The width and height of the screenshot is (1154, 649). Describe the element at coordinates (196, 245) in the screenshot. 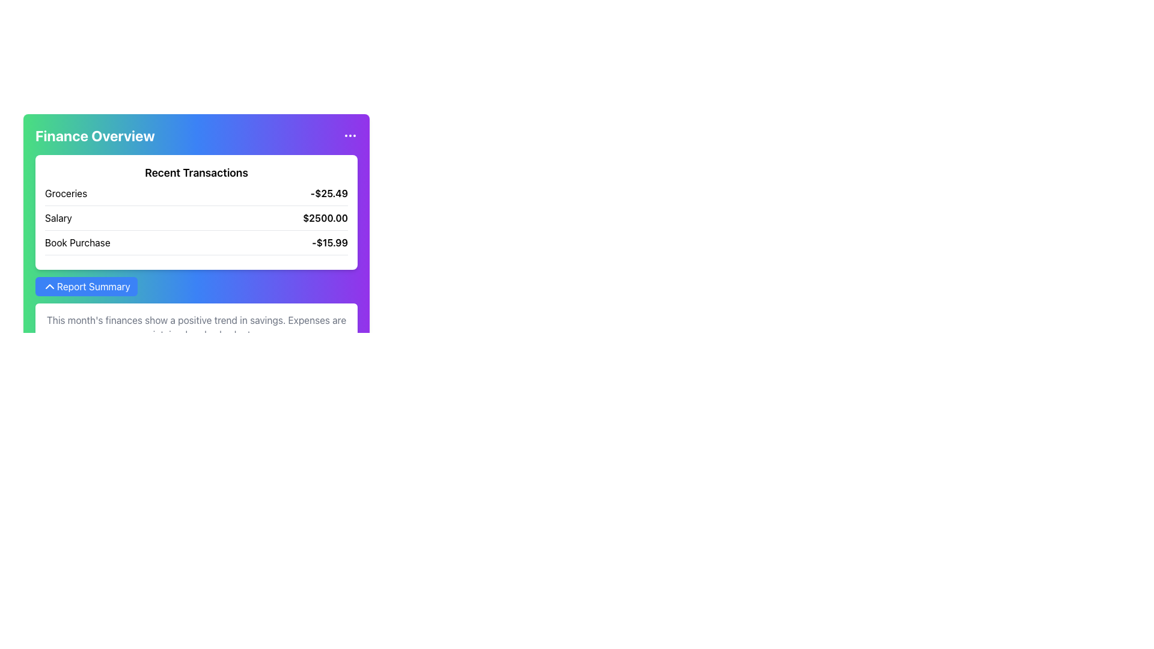

I see `the transaction record displaying 'Book Purchase' with amount '-$15.99' in the 'Finance Overview' section, which is the third item in the list` at that location.